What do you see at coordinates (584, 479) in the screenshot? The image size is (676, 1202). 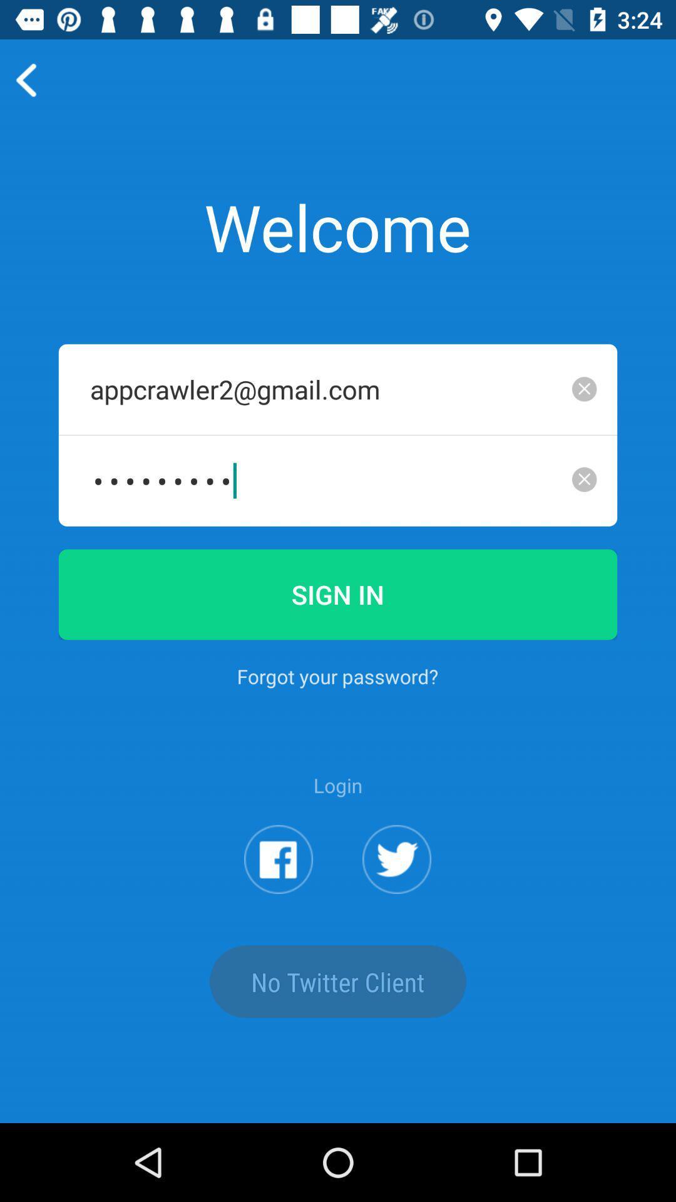 I see `to delete typed password` at bounding box center [584, 479].